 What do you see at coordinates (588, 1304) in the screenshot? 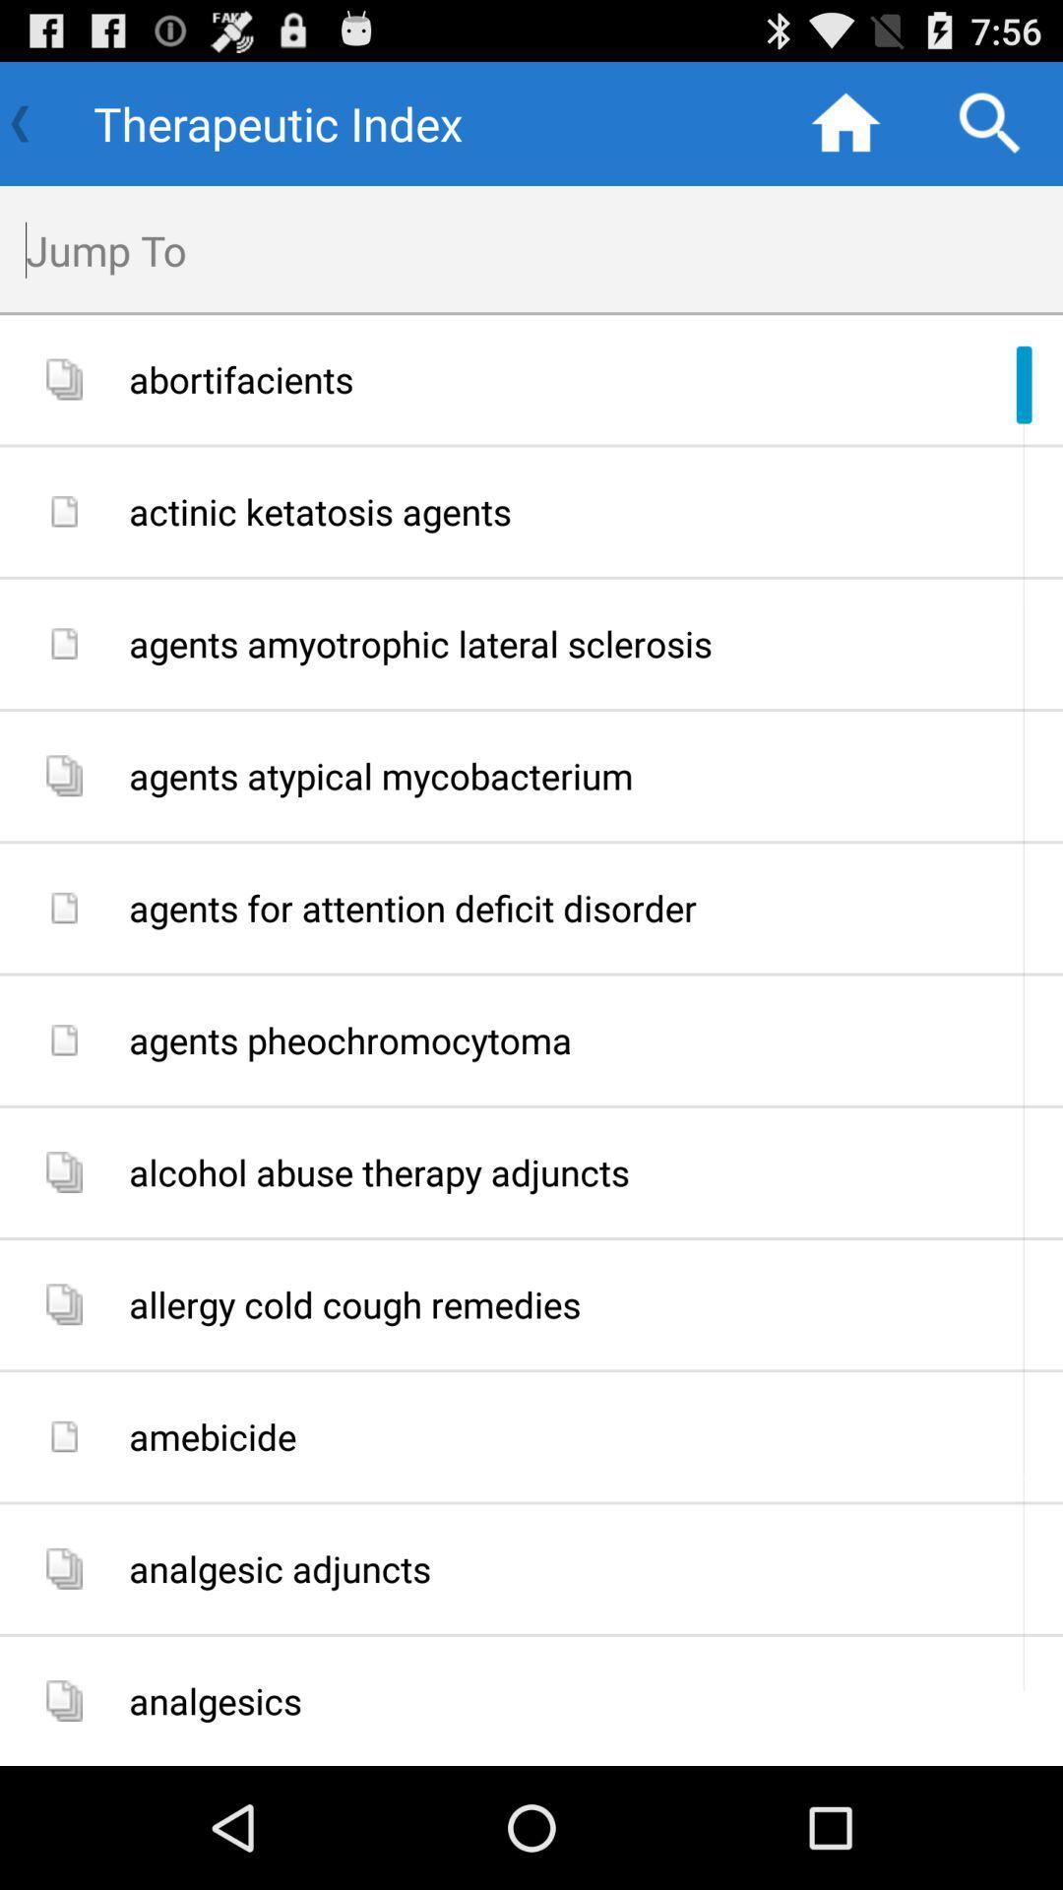
I see `icon below the alcohol abuse therapy` at bounding box center [588, 1304].